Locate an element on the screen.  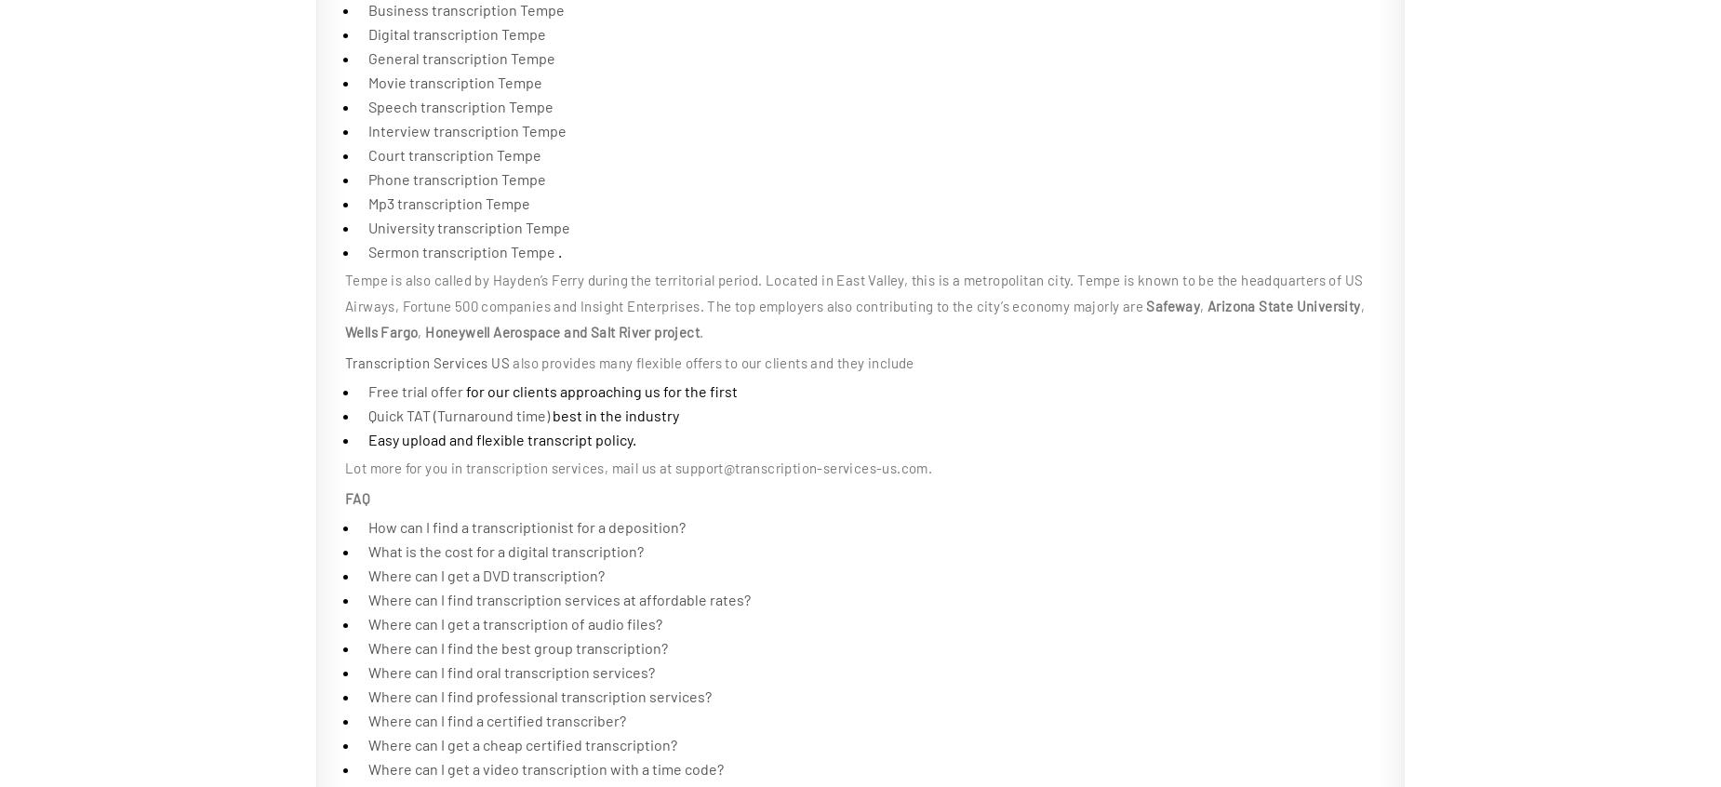
'Movie transcription Tempe' is located at coordinates (455, 82).